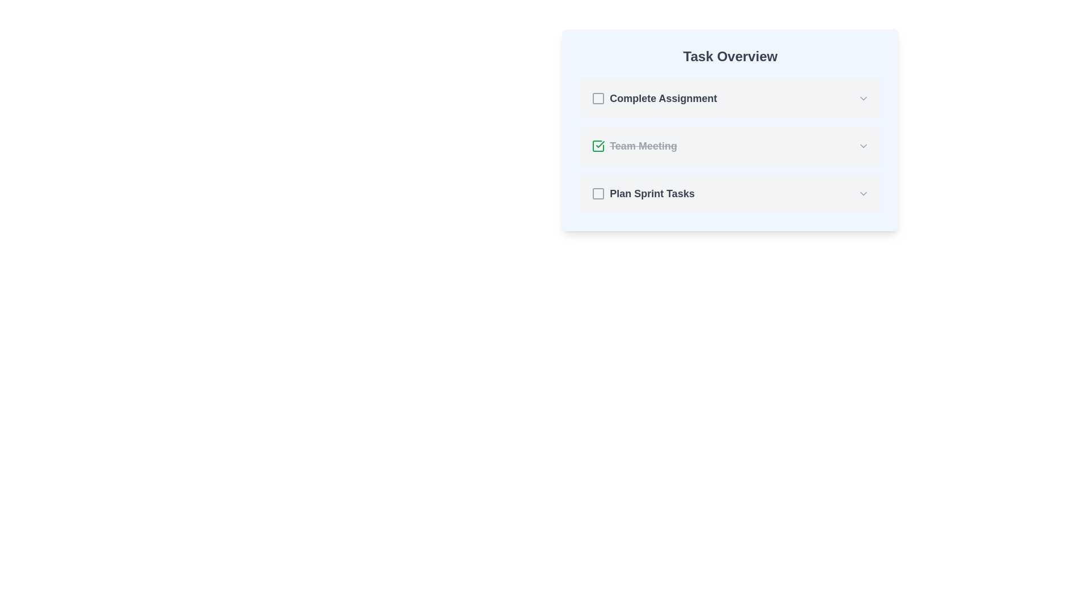 The width and height of the screenshot is (1088, 612). Describe the element at coordinates (598, 193) in the screenshot. I see `the unchecked checkbox for the 'Plan Sprint Tasks' task in the 'Task Overview' box` at that location.